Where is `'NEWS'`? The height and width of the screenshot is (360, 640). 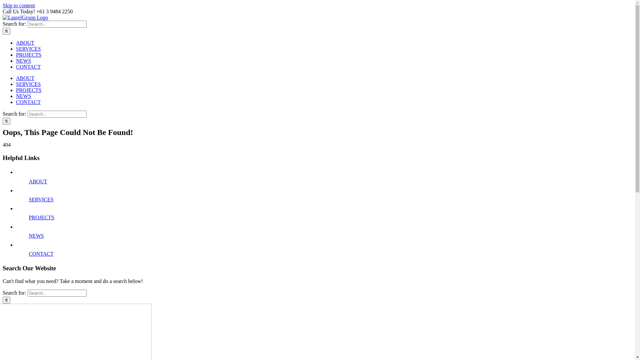 'NEWS' is located at coordinates (23, 96).